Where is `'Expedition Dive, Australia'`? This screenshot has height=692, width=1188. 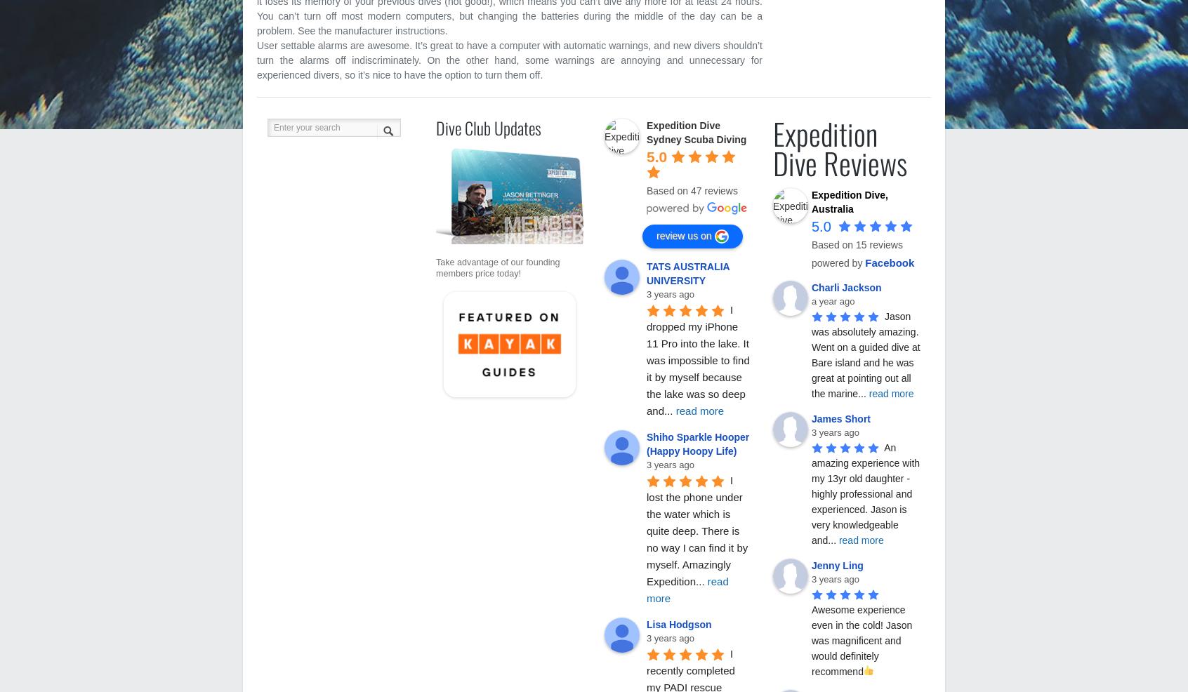
'Expedition Dive, Australia' is located at coordinates (810, 202).